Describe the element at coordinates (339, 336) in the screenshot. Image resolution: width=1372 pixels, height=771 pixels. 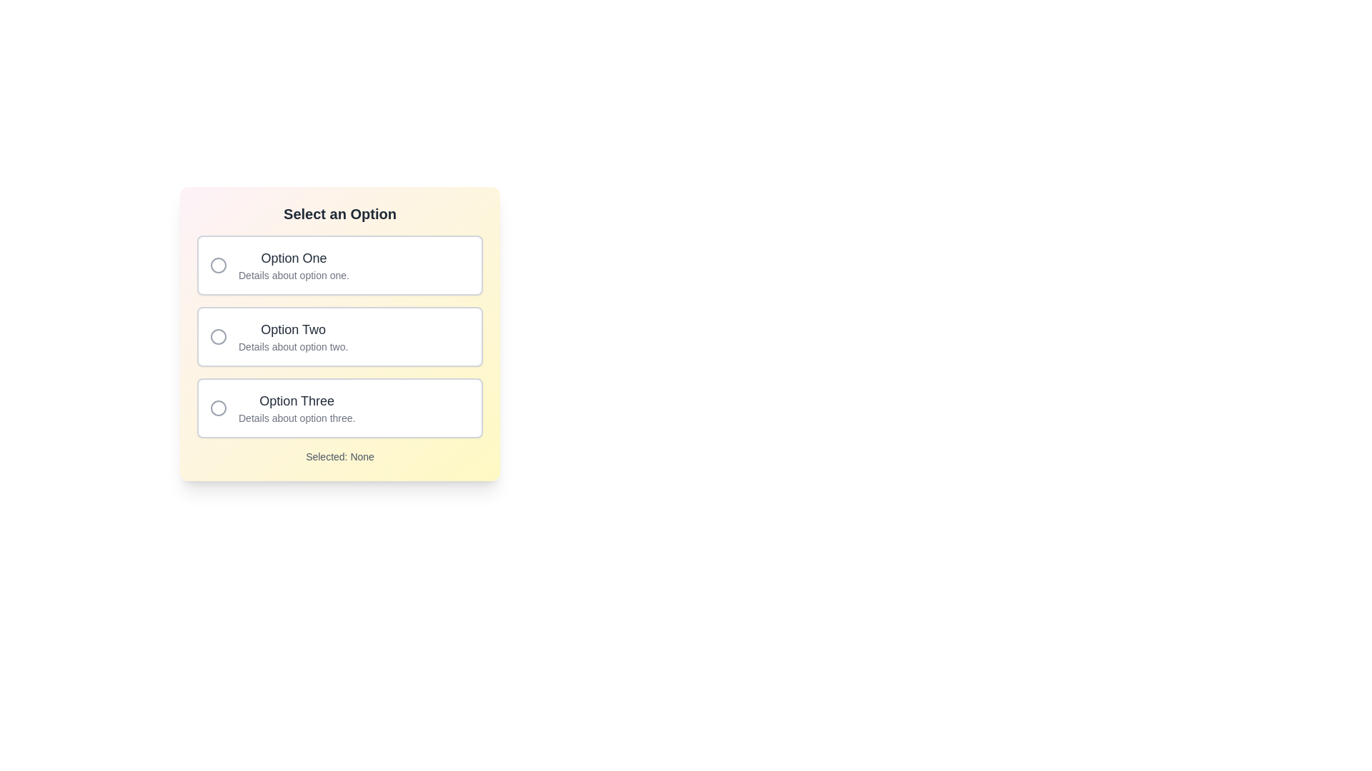
I see `anywhere on the card of the second radio button option in the vertical list` at that location.